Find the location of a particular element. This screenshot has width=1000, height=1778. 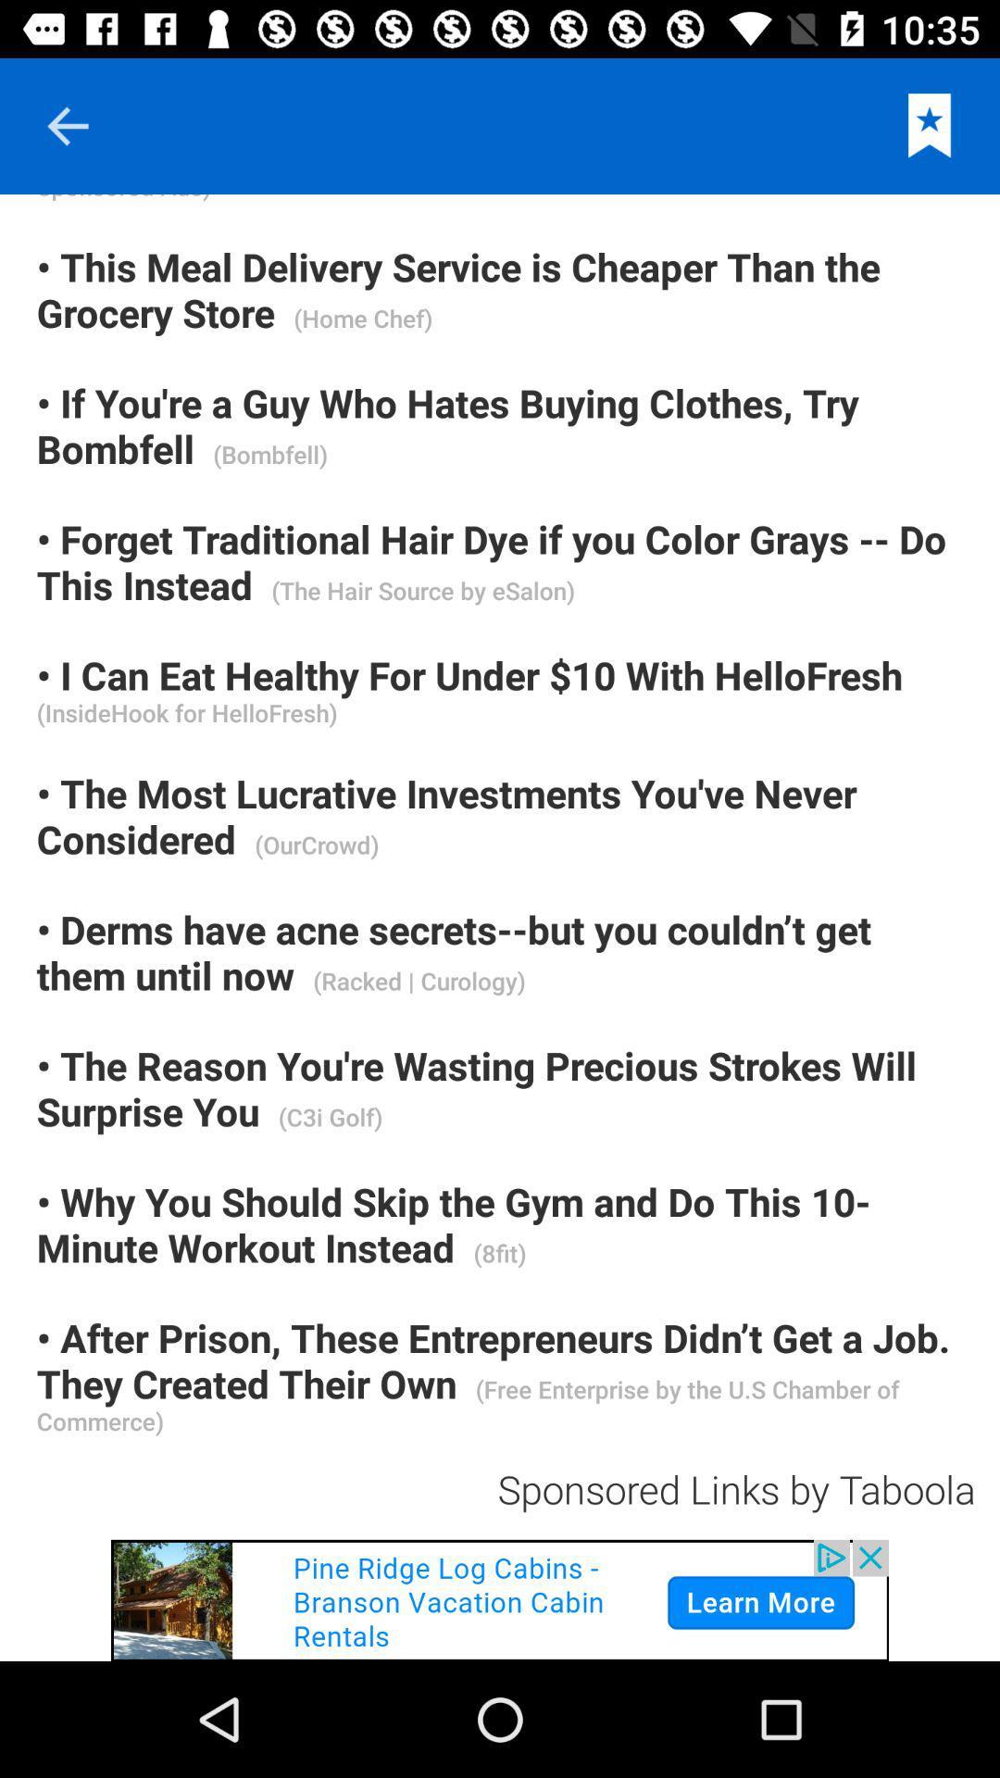

click on advertisement is located at coordinates (500, 1599).